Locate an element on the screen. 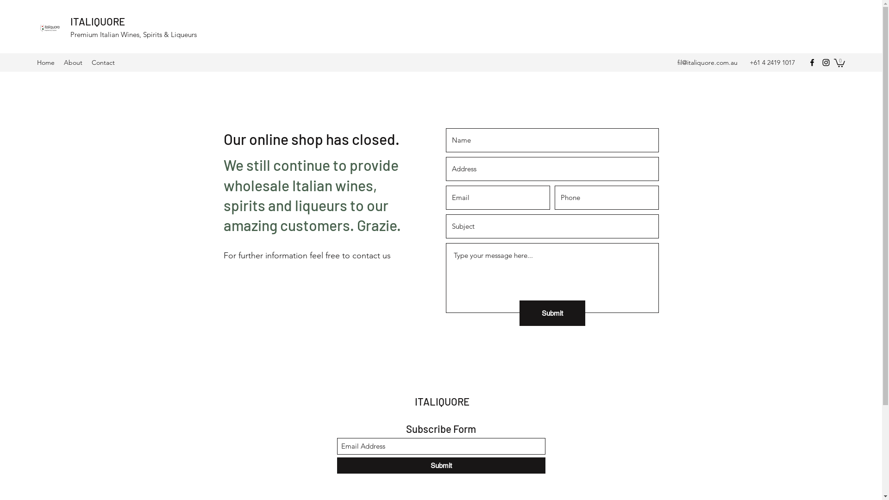 The height and width of the screenshot is (500, 889). '0' is located at coordinates (839, 62).